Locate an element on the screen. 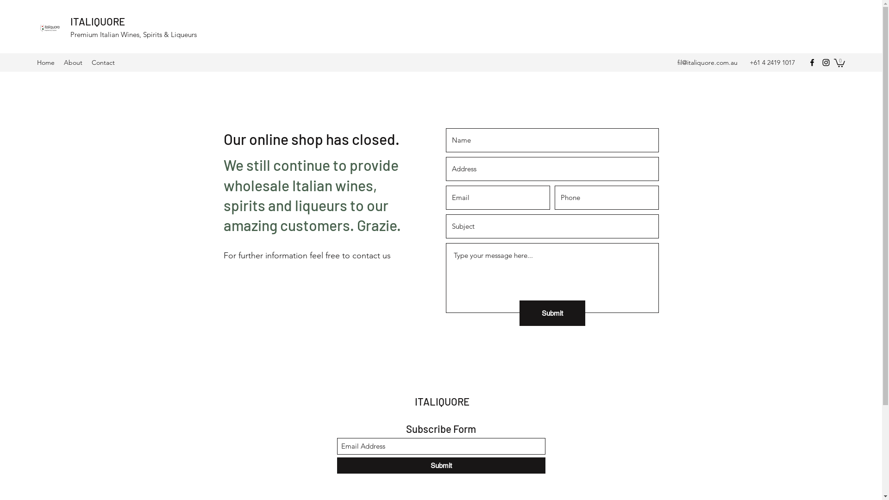 The height and width of the screenshot is (500, 889). '0' is located at coordinates (839, 62).